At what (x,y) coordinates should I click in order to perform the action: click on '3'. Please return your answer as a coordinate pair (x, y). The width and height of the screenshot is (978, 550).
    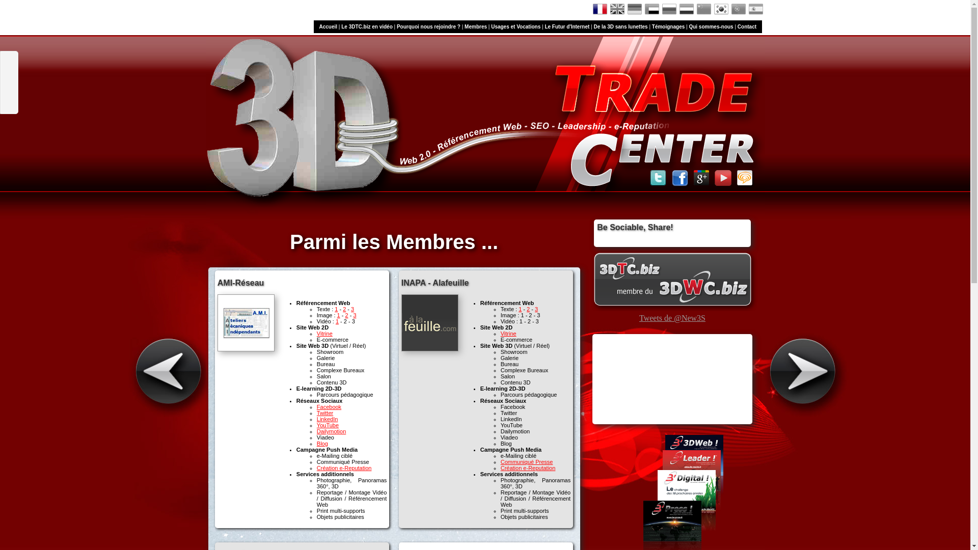
    Looking at the image, I should click on (355, 314).